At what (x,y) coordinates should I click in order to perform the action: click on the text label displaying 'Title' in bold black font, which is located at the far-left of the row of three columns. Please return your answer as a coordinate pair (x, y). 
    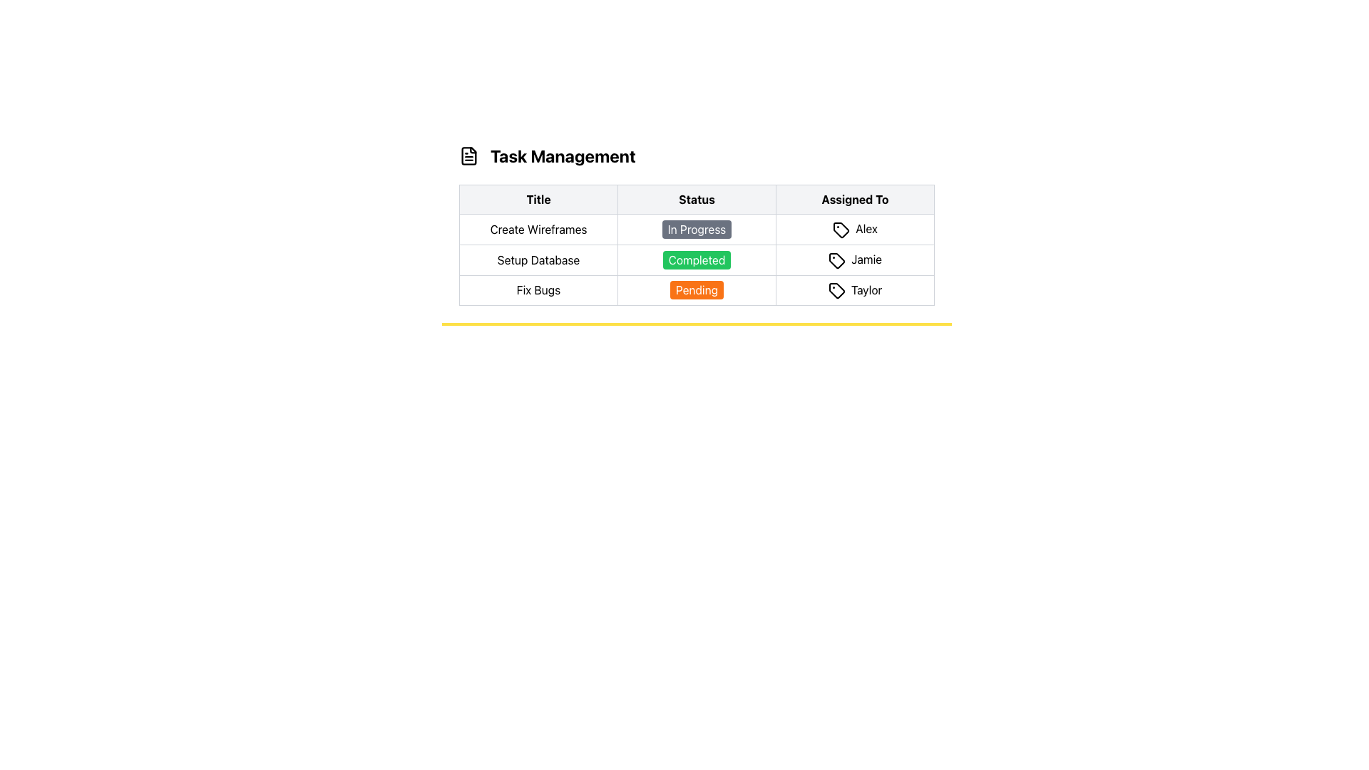
    Looking at the image, I should click on (538, 200).